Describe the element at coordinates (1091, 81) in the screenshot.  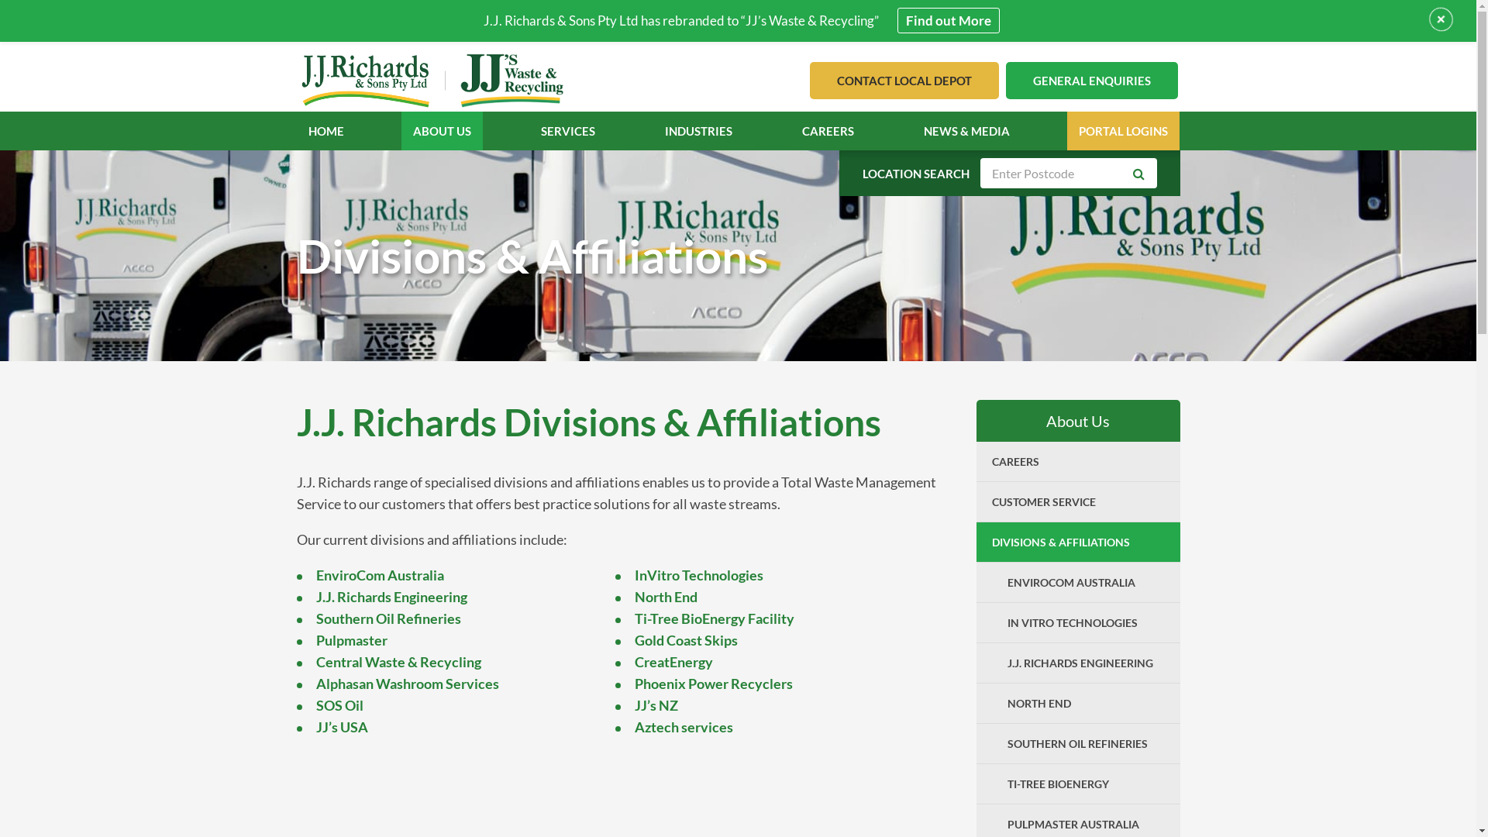
I see `'GENERAL ENQUIRIES'` at that location.